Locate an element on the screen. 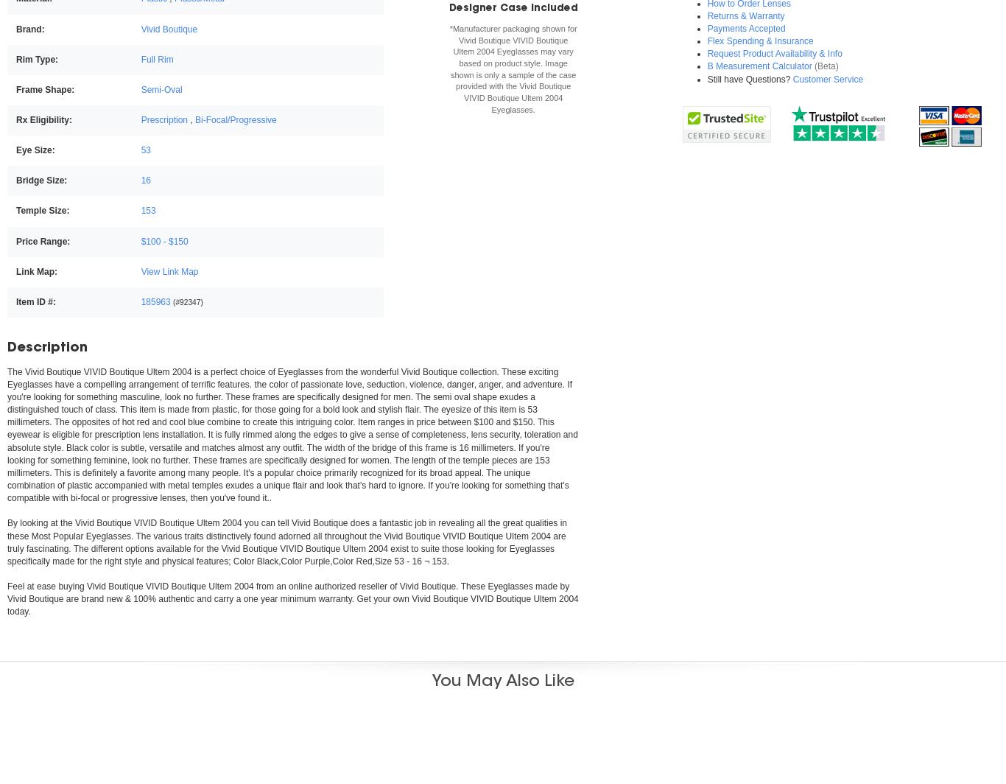 The image size is (1006, 784). '185963' is located at coordinates (155, 301).